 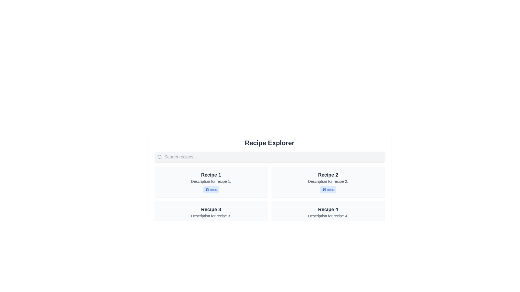 What do you see at coordinates (269, 142) in the screenshot?
I see `title of the Text Header, which is positioned above the search bar in the recipe exploration interface` at bounding box center [269, 142].